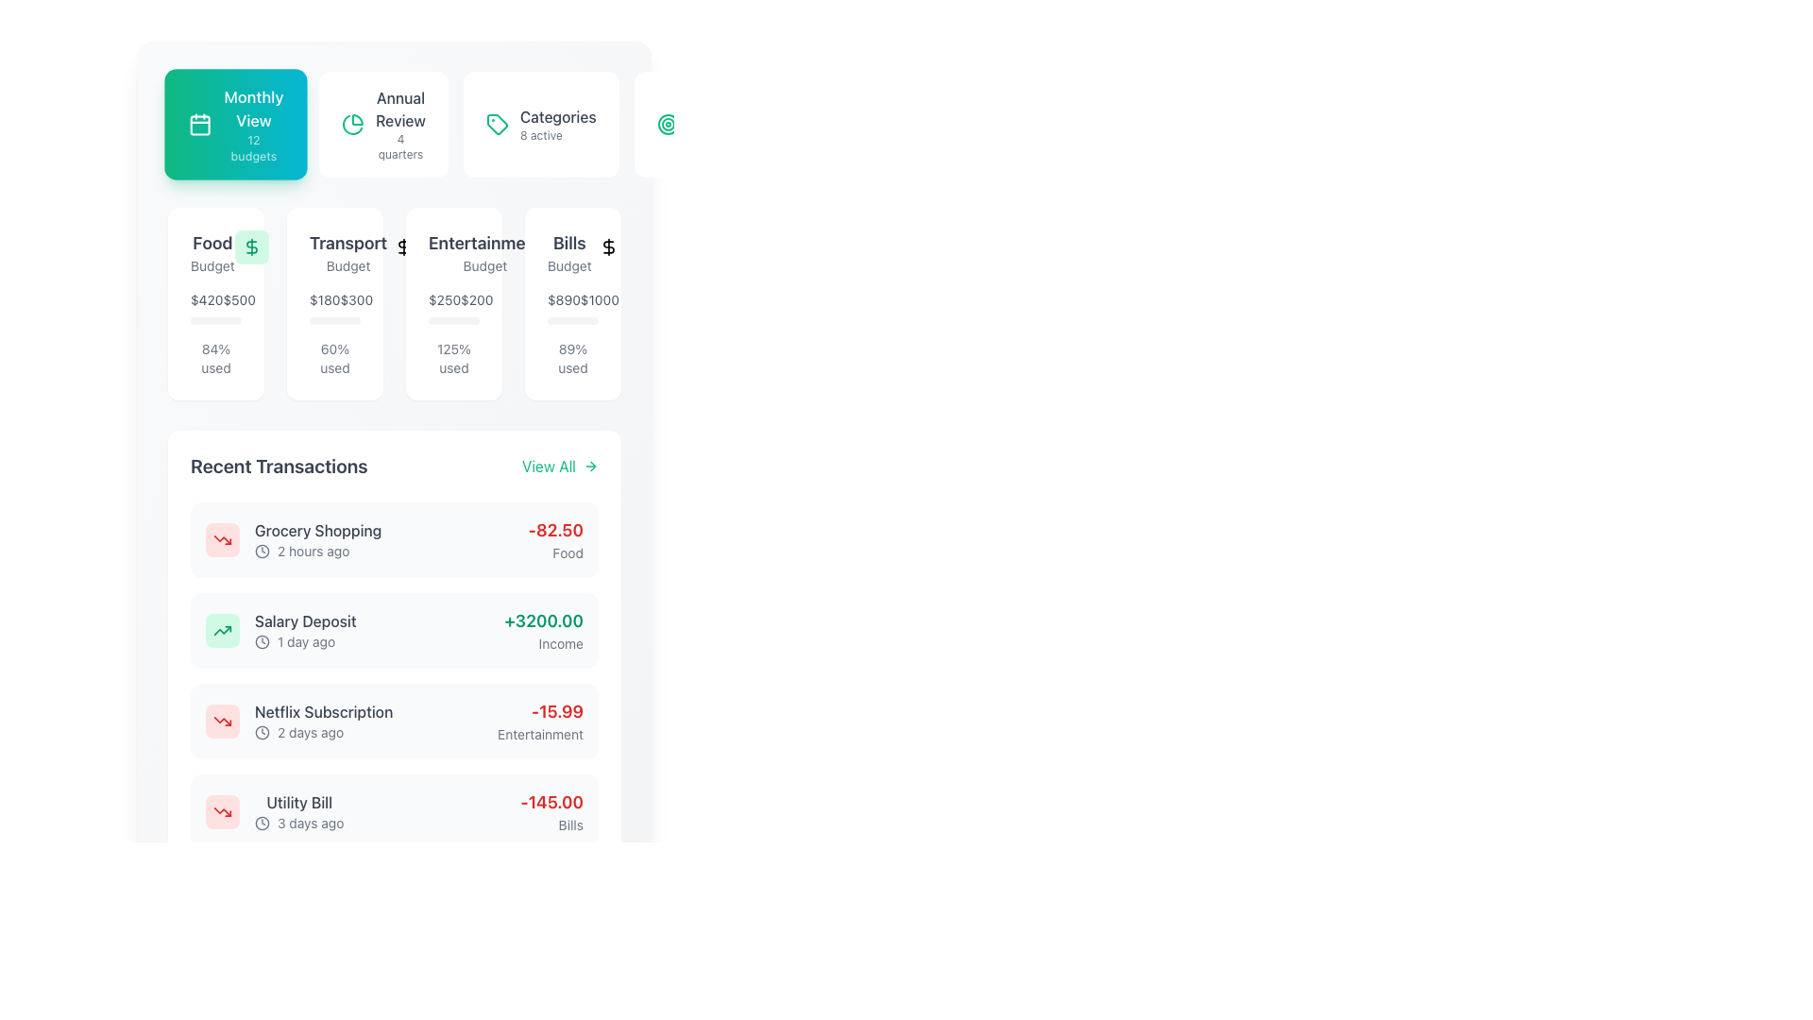 The image size is (1813, 1020). What do you see at coordinates (252, 124) in the screenshot?
I see `the 'Monthly View' text element, which is located within a card component at the top left of the main interface, just below the category buttons` at bounding box center [252, 124].